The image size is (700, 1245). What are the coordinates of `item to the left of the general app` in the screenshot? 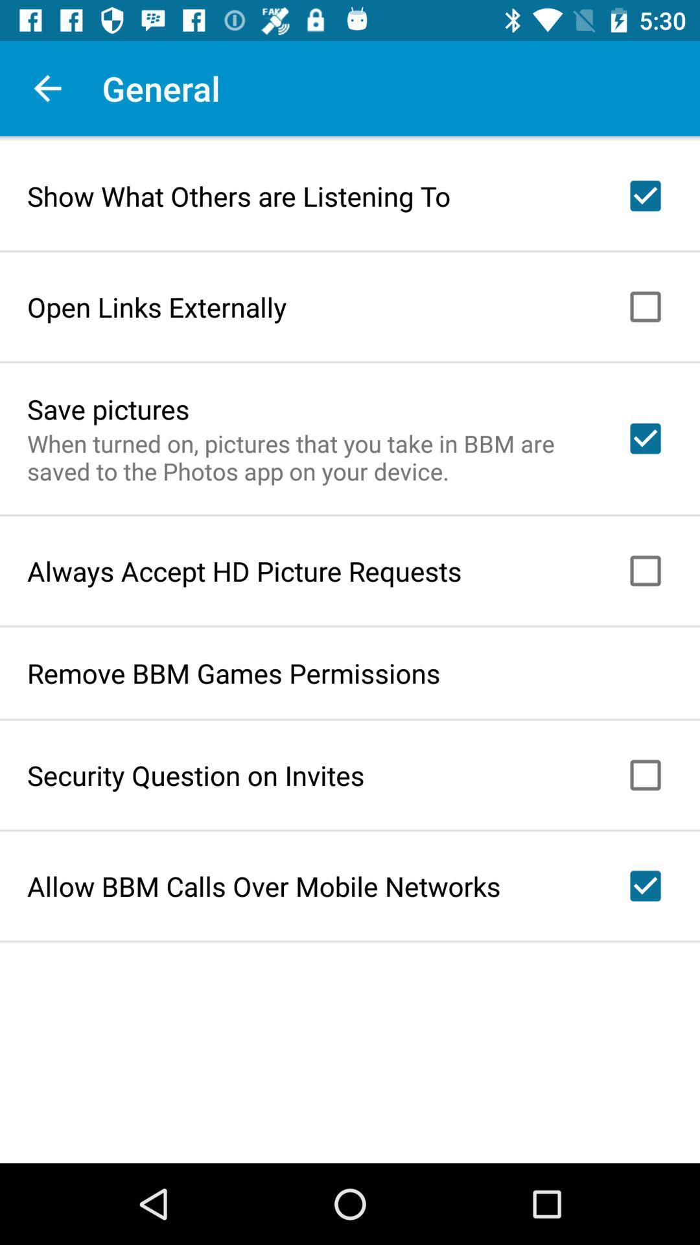 It's located at (47, 88).